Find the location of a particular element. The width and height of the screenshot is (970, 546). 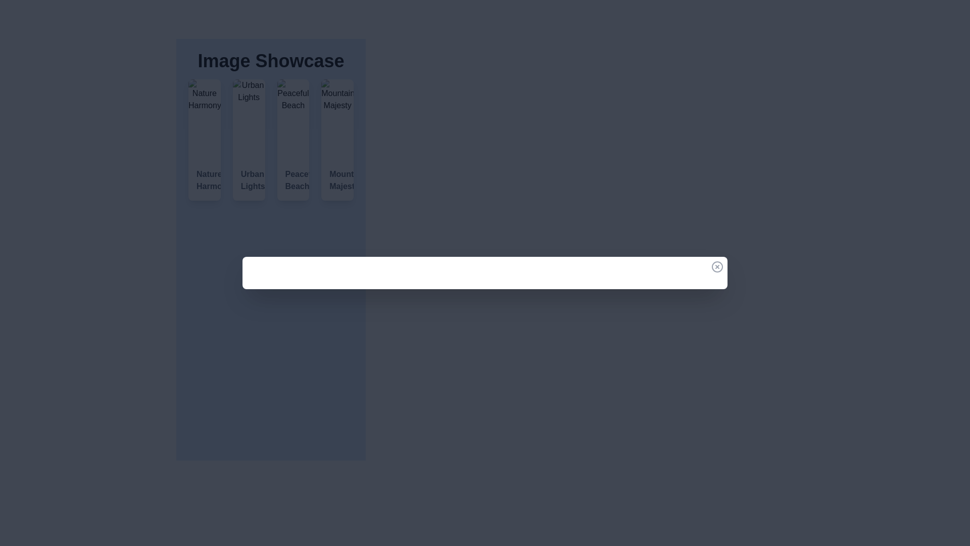

the text label that serves as a title for the 'Mountain Majesty' image, positioned in the fourth column of the grid is located at coordinates (337, 180).